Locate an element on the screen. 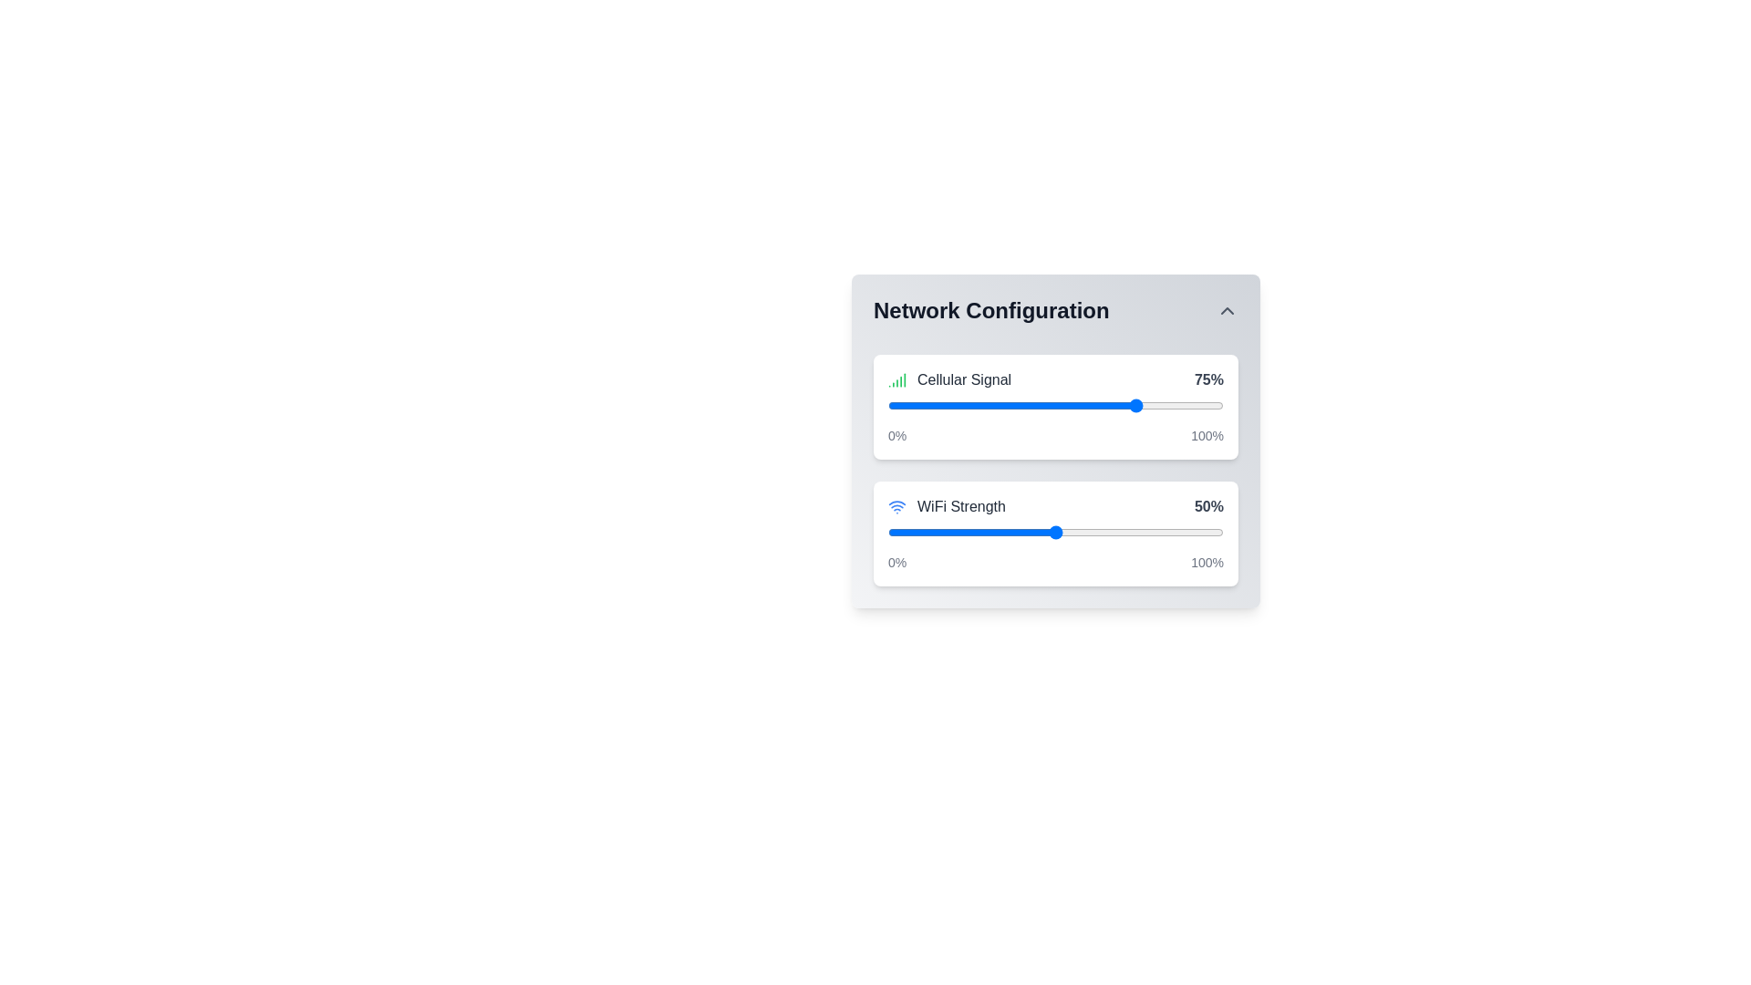 This screenshot has width=1751, height=985. the WiFi strength is located at coordinates (1062, 532).